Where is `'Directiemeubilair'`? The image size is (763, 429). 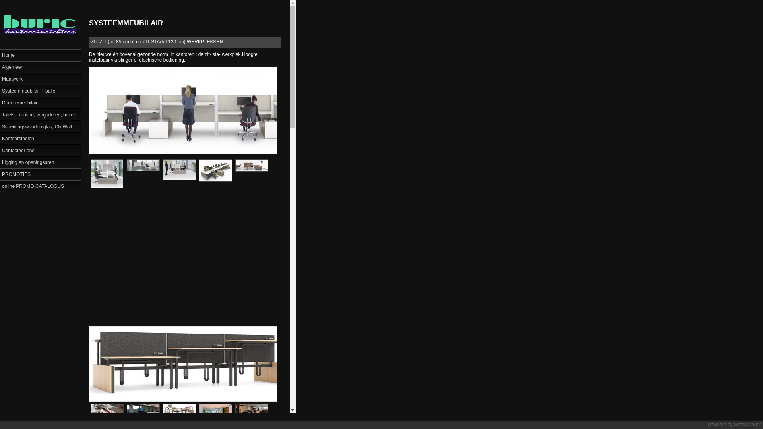
'Directiemeubilair' is located at coordinates (0, 102).